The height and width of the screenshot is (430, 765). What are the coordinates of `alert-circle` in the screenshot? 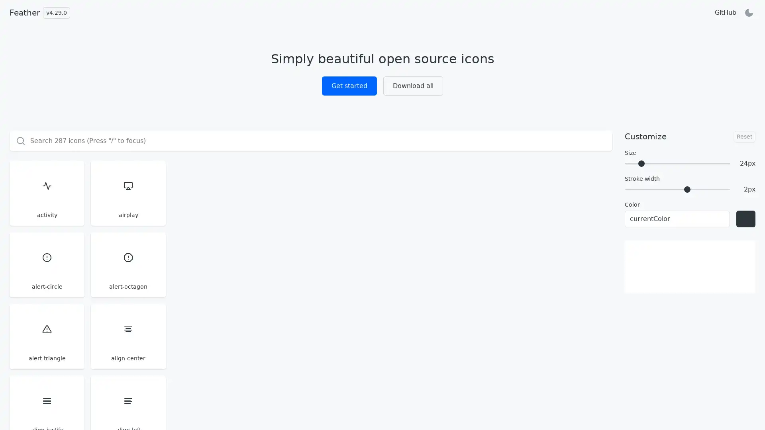 It's located at (175, 193).